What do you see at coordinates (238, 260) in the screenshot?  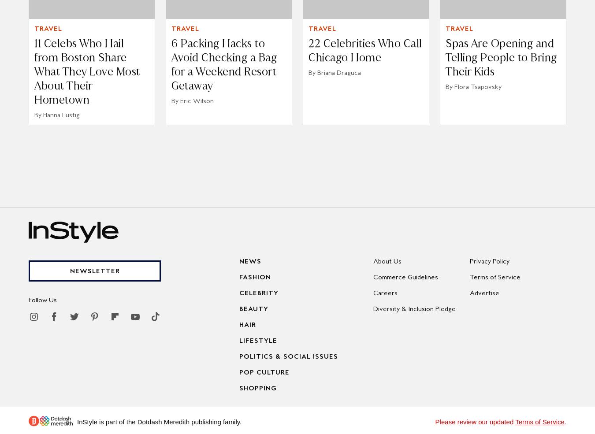 I see `'News'` at bounding box center [238, 260].